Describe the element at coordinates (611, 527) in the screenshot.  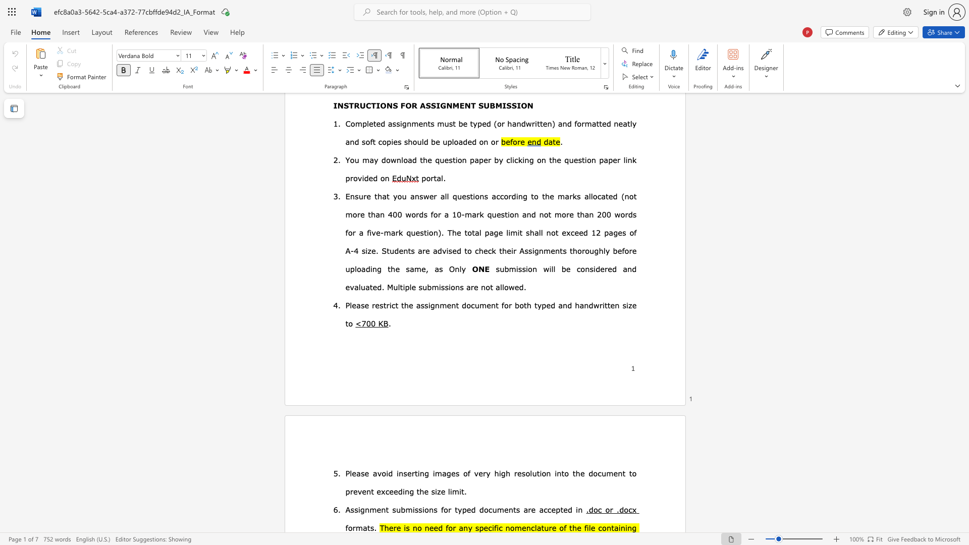
I see `the subset text "taini" within the text "containing"` at that location.